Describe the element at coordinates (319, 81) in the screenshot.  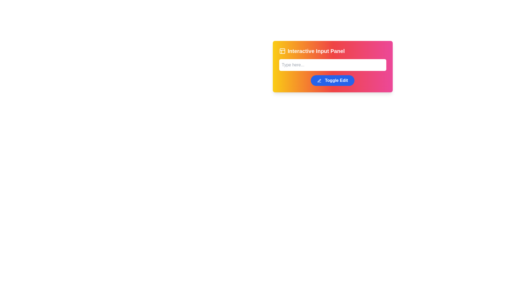
I see `the small blue pen icon located on the left side of the 'Toggle Edit' button situated in the lower-right part of the panel interface` at that location.